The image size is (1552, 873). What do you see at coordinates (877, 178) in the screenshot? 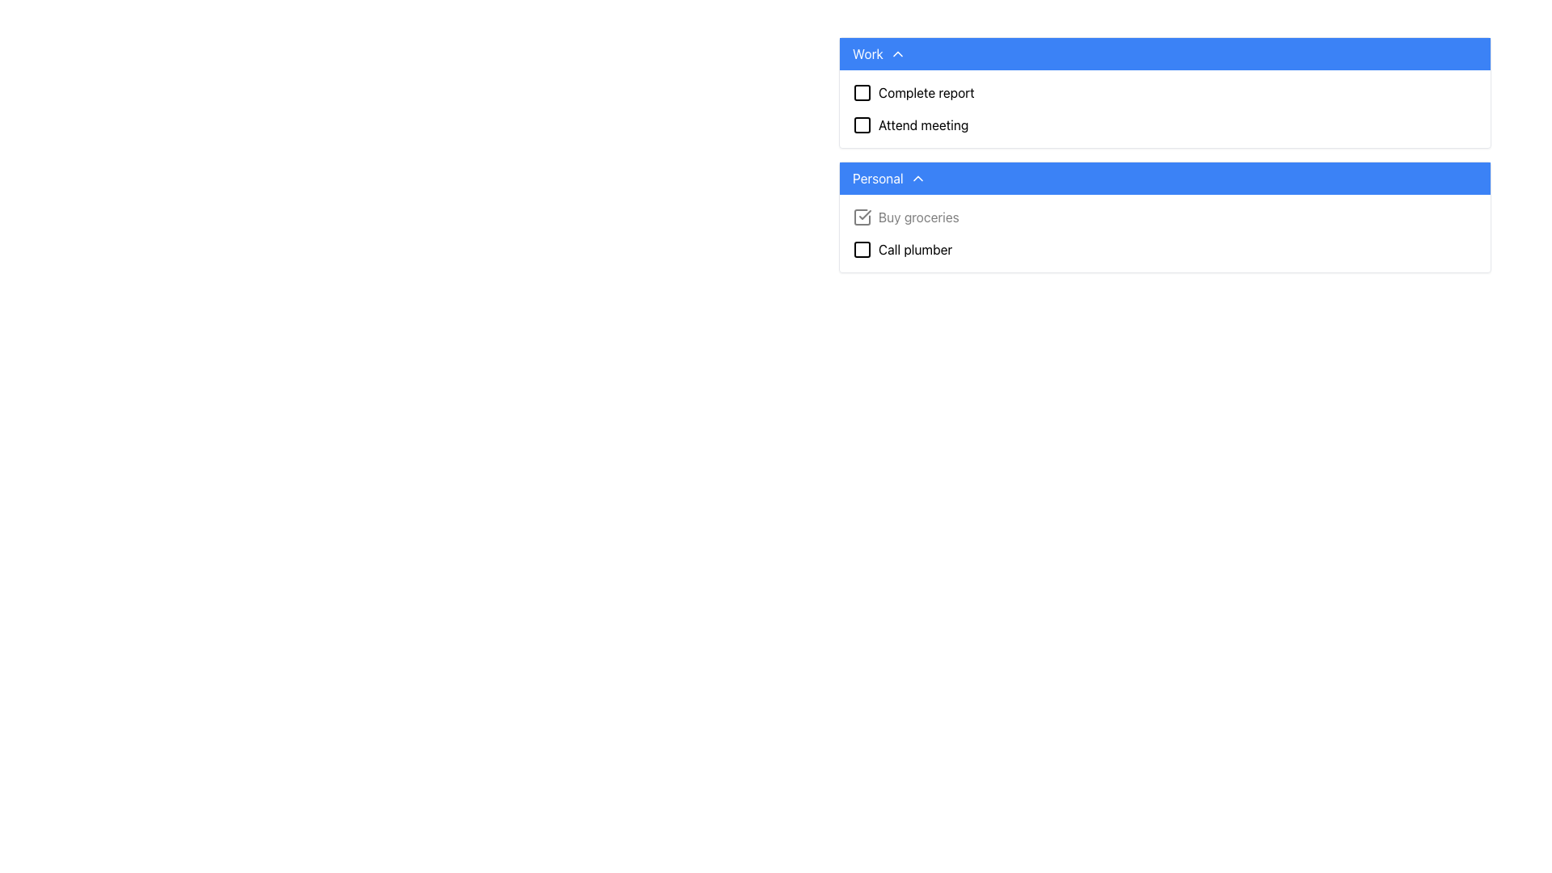
I see `the 'Personal' text label which serves as the category name in the dropdown header` at bounding box center [877, 178].